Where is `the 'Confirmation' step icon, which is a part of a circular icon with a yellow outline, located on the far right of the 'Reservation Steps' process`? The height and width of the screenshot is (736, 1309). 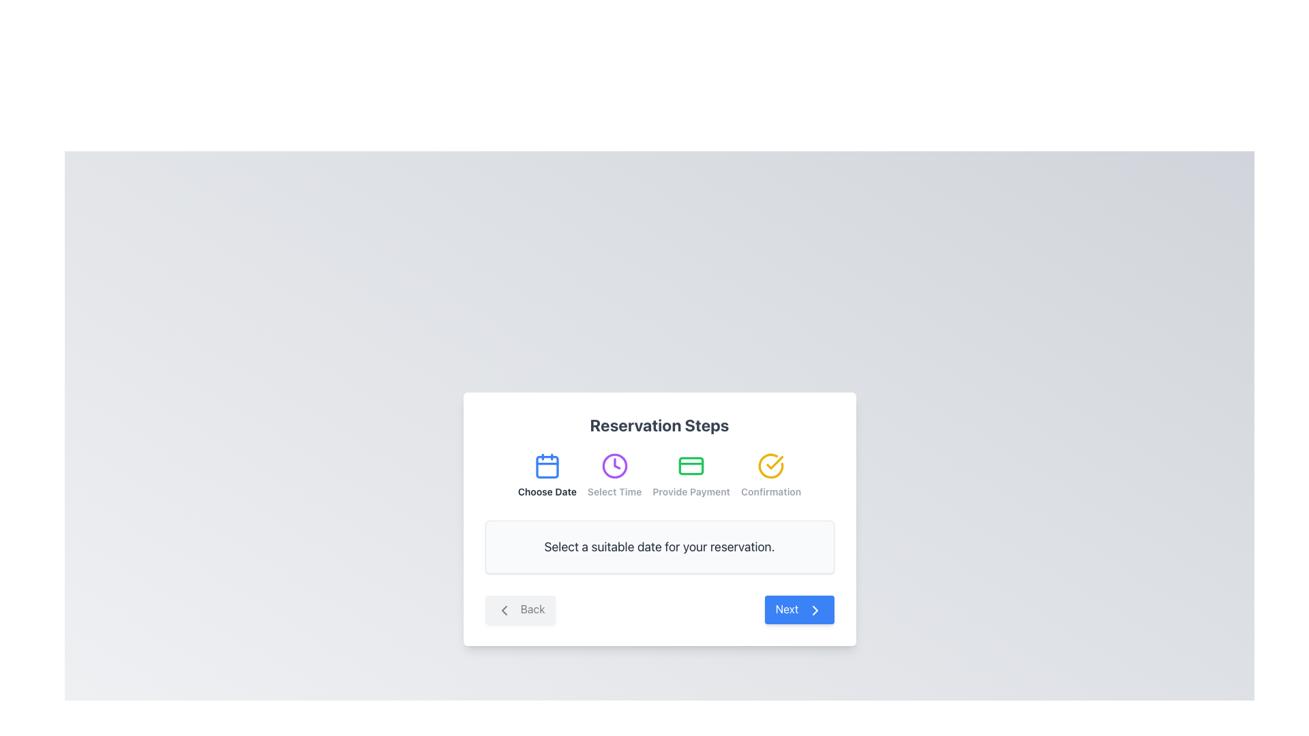
the 'Confirmation' step icon, which is a part of a circular icon with a yellow outline, located on the far right of the 'Reservation Steps' process is located at coordinates (771, 465).